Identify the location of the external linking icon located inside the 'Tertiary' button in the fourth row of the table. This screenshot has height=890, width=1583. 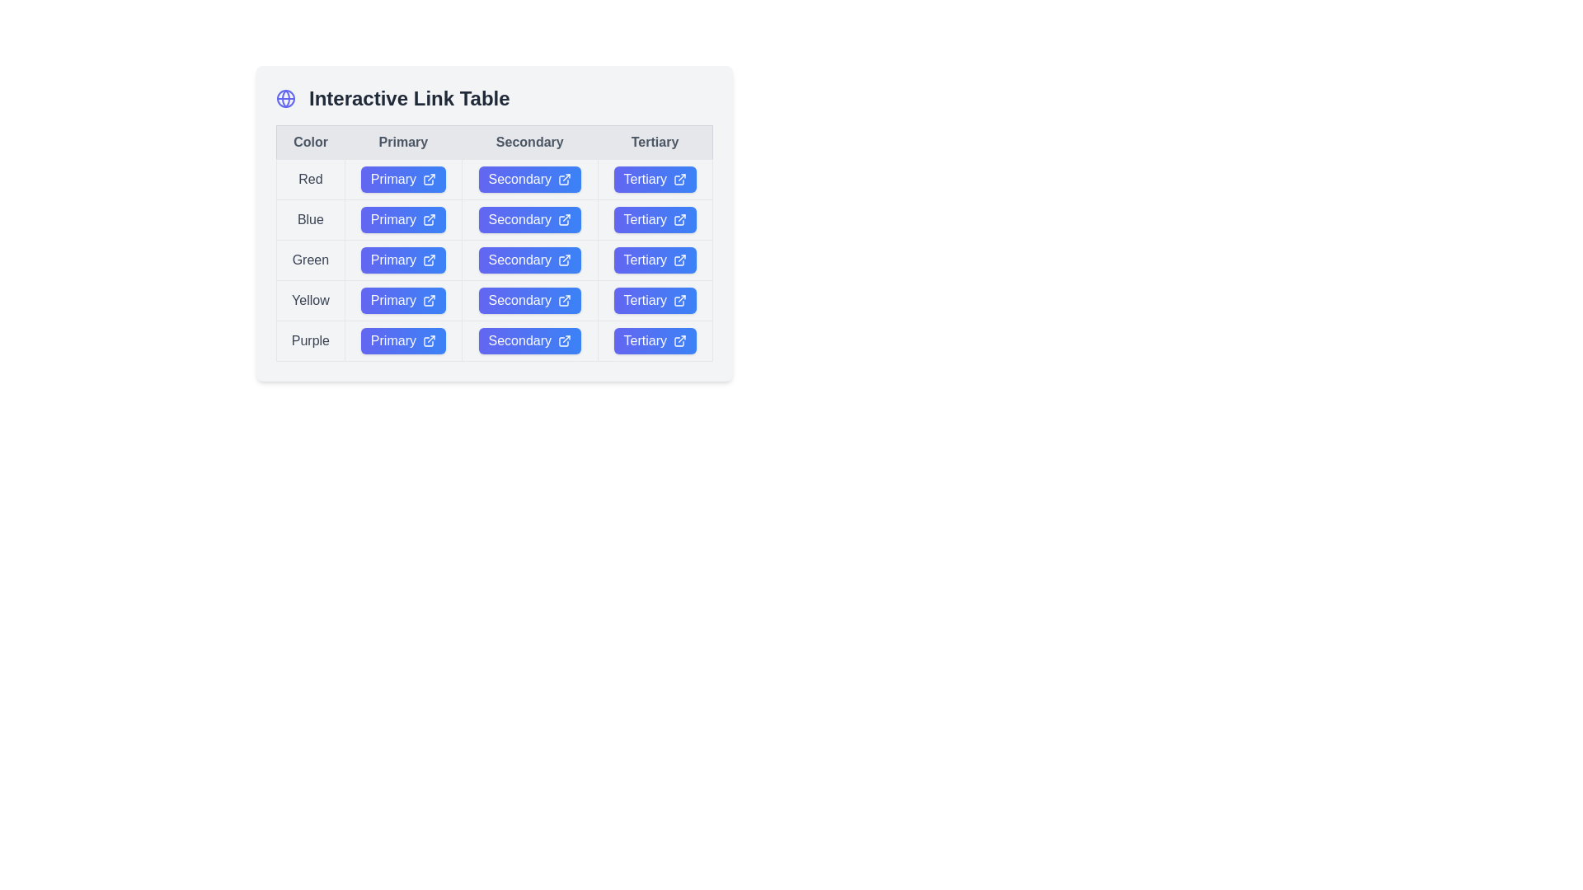
(680, 260).